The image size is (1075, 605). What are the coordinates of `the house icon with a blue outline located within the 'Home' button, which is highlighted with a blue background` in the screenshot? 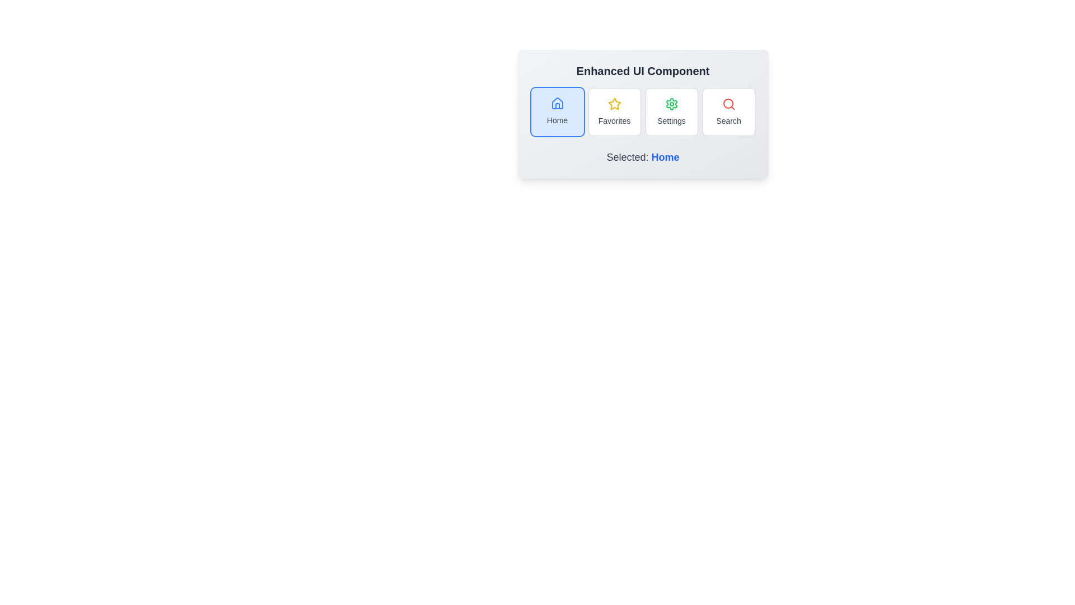 It's located at (557, 104).